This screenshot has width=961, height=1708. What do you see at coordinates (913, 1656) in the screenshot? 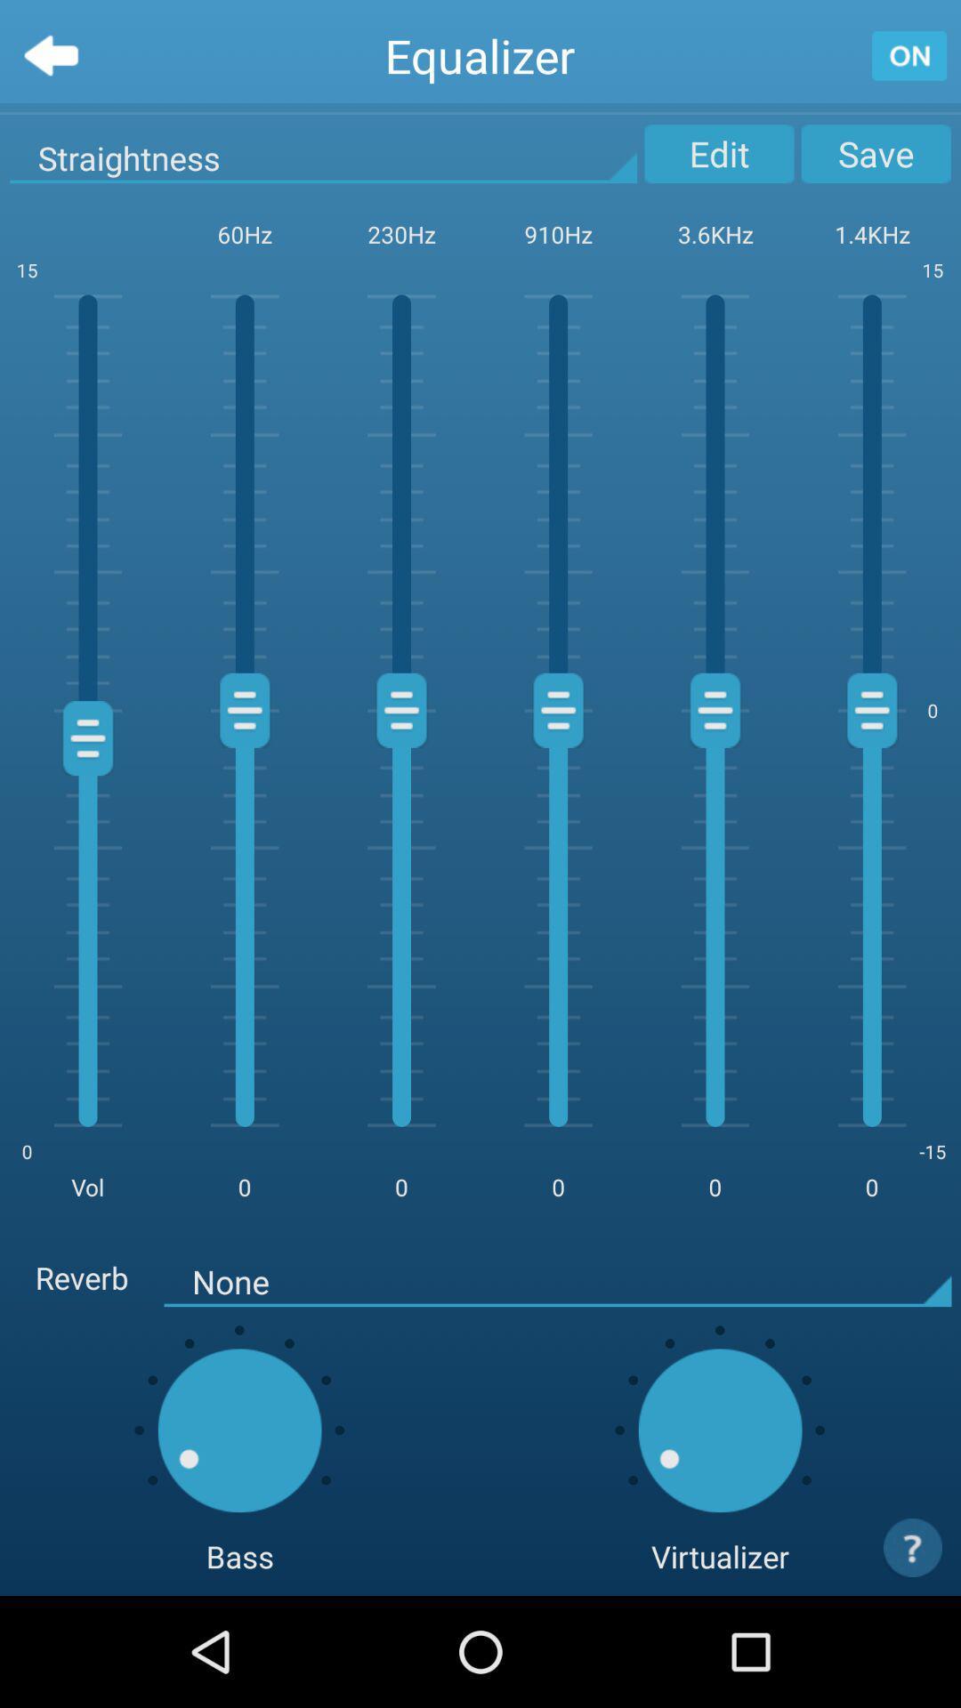
I see `the help icon` at bounding box center [913, 1656].